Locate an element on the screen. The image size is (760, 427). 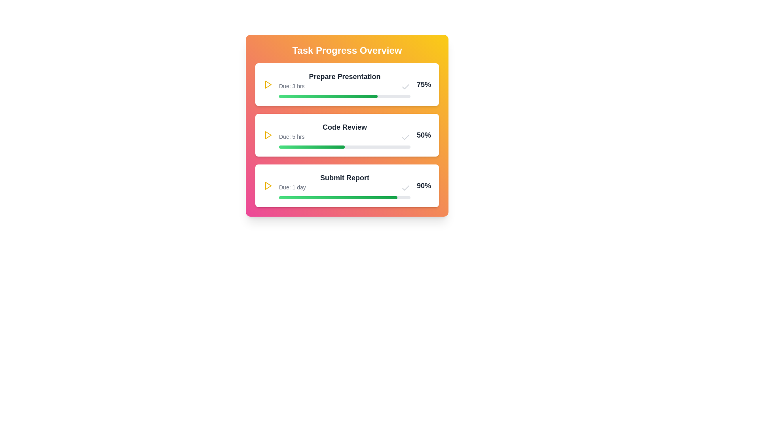
the progress bar that visually represents 75% completion of the 'Prepare Presentation' task, located above the percentage value '75%' and under the text 'Due: 3 hrs' is located at coordinates (344, 96).